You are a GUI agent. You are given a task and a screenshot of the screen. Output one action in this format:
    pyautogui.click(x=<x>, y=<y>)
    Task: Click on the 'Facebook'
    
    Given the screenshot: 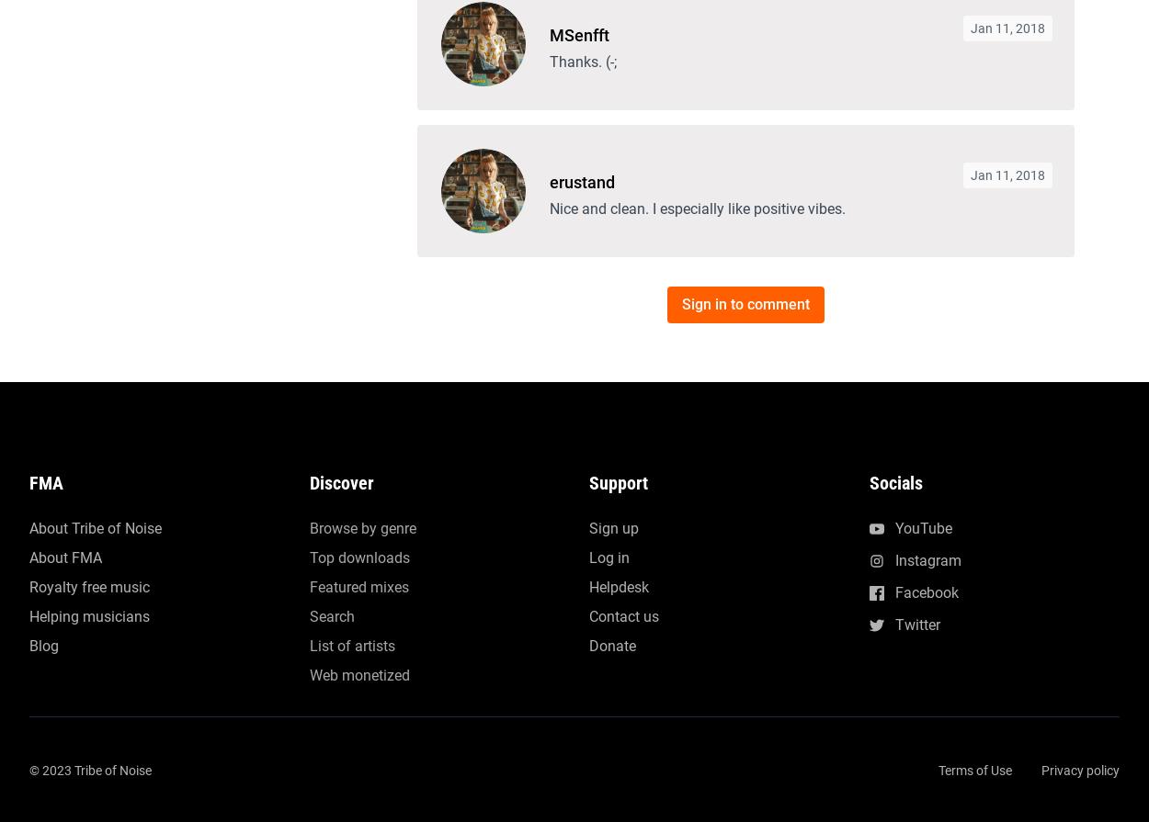 What is the action you would take?
    pyautogui.click(x=926, y=8)
    